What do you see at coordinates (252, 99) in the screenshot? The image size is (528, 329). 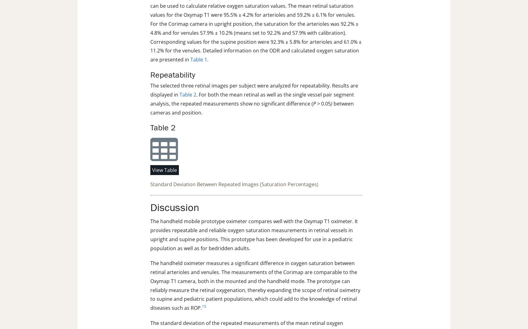 I see `'. For both the mean retinal as well as the single vessel pair segment analysis, the repeated measurements show no significant difference ('` at bounding box center [252, 99].